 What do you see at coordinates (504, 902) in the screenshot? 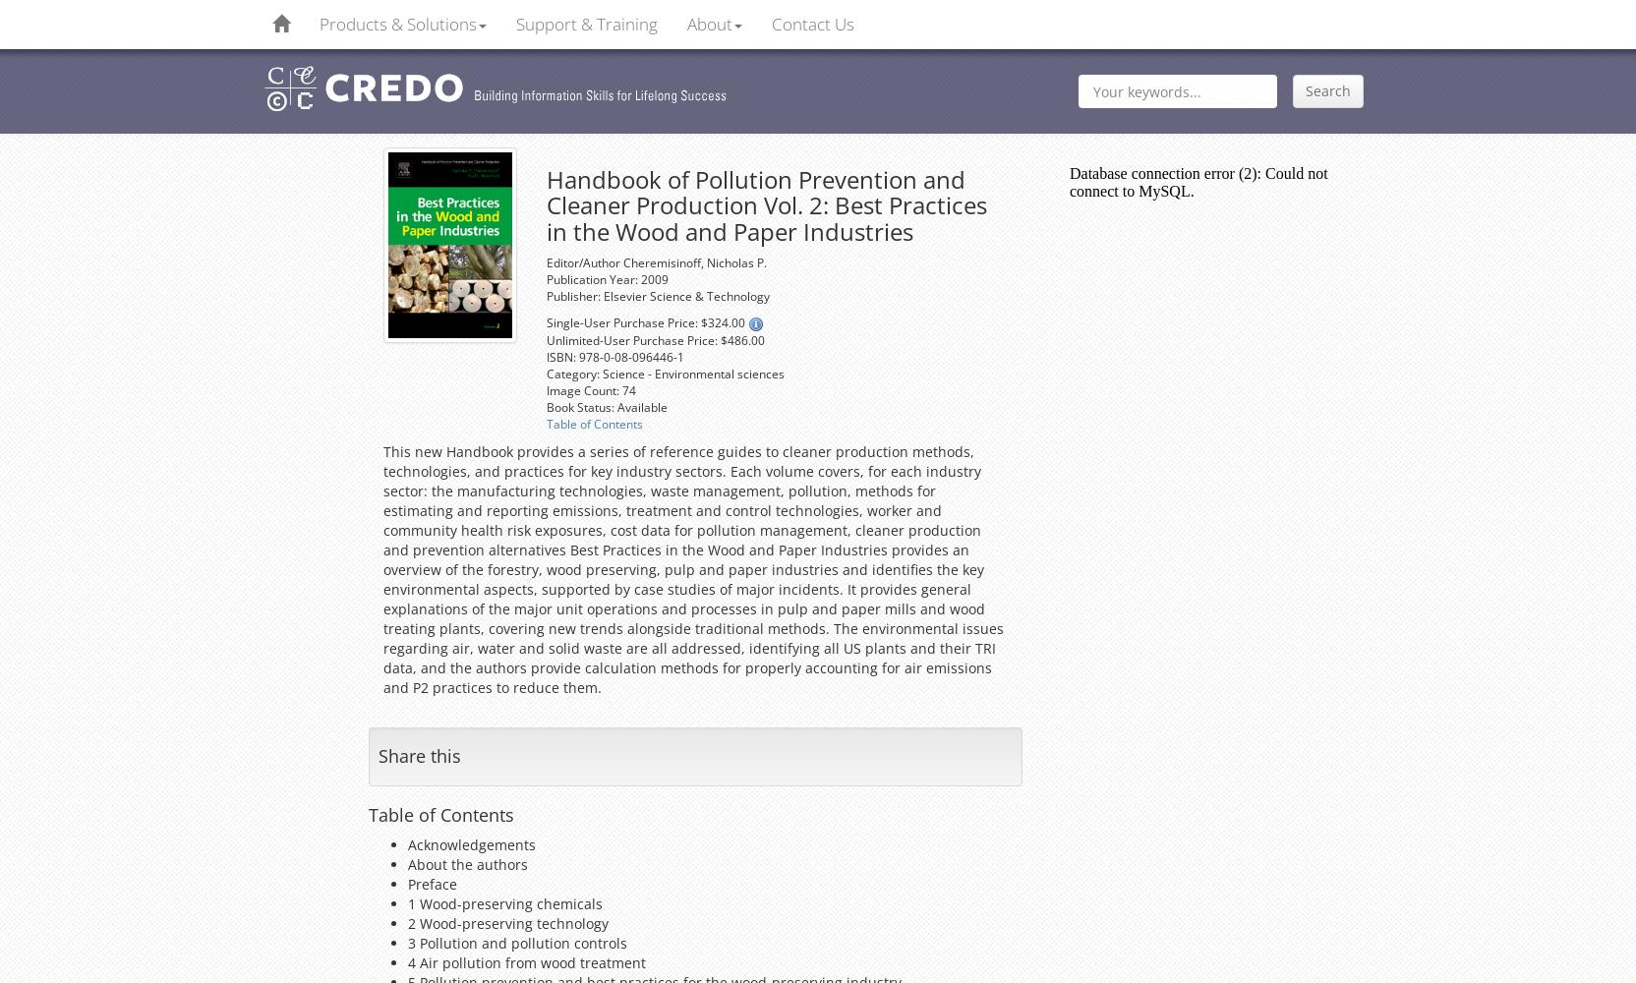
I see `'1 Wood-preserving chemicals'` at bounding box center [504, 902].